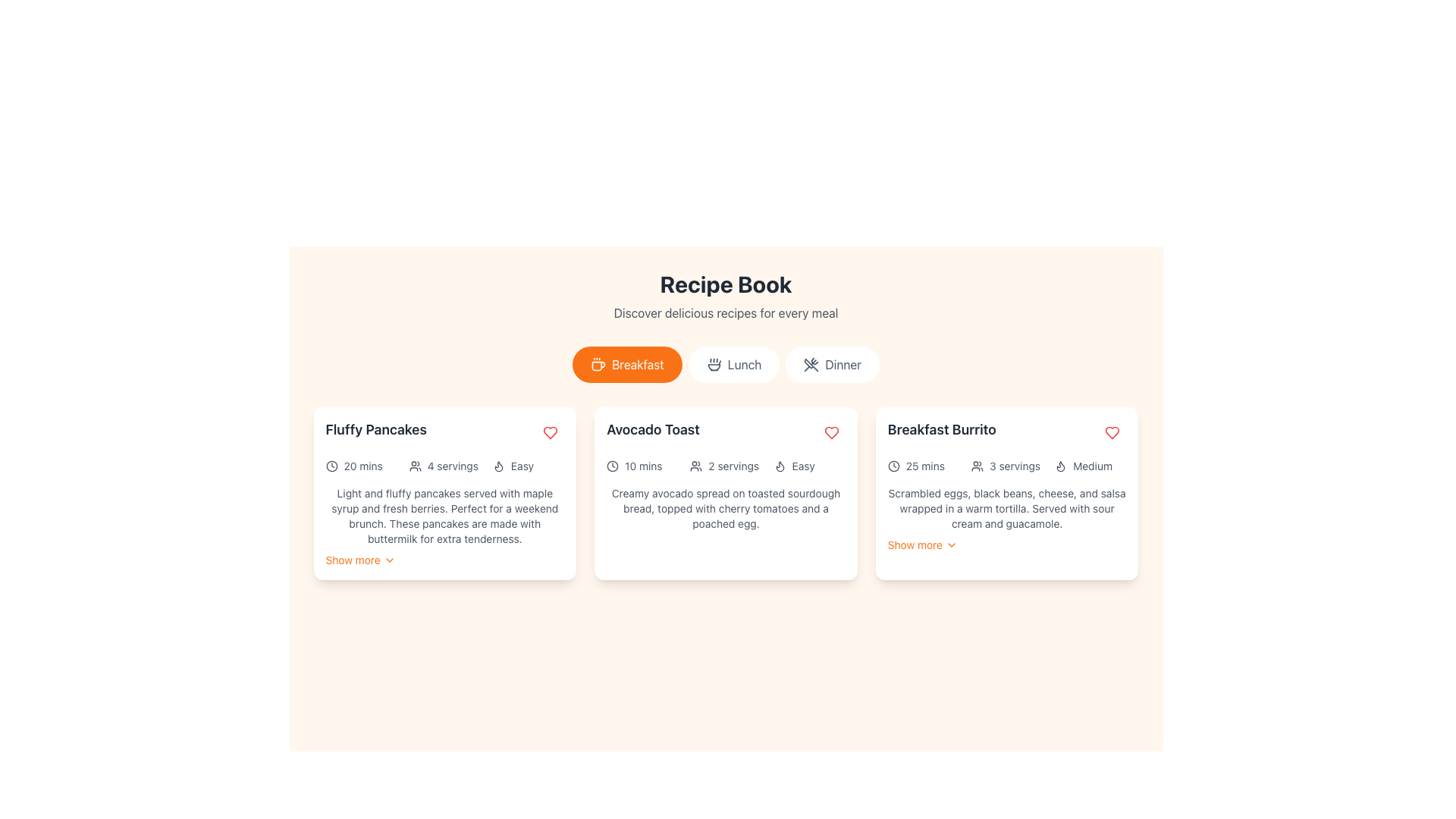 The height and width of the screenshot is (819, 1456). Describe the element at coordinates (725, 509) in the screenshot. I see `the text block that describes the 'Avocado Toast' recipe, which reads 'Creamy avocado spread on toasted sourdough bread, topped with cherry tomatoes and a poached egg.'` at that location.